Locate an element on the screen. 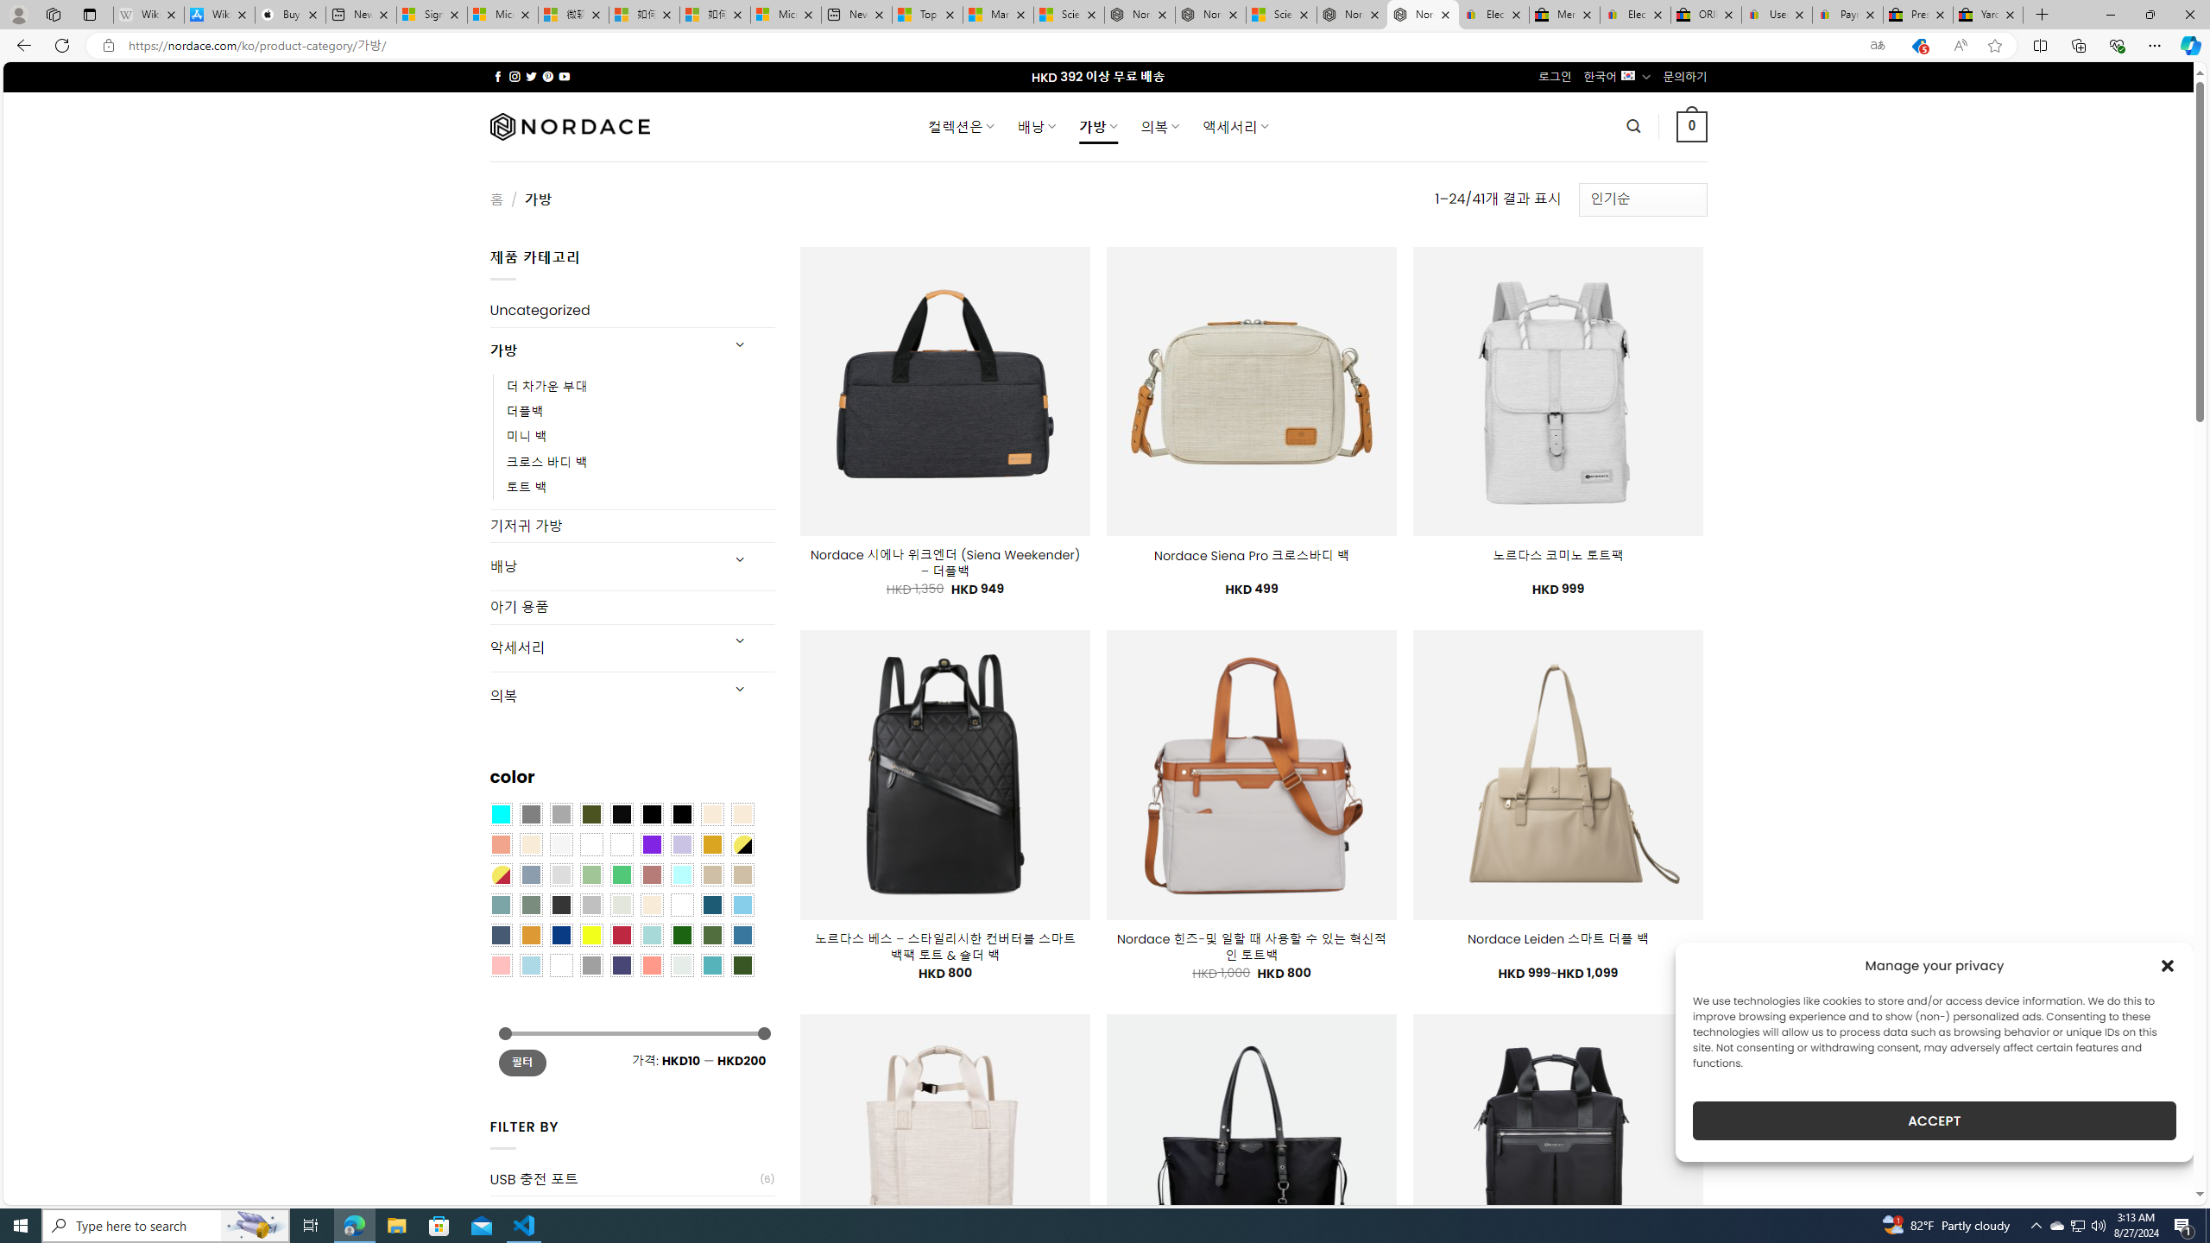  'Follow on Pinterest' is located at coordinates (546, 76).